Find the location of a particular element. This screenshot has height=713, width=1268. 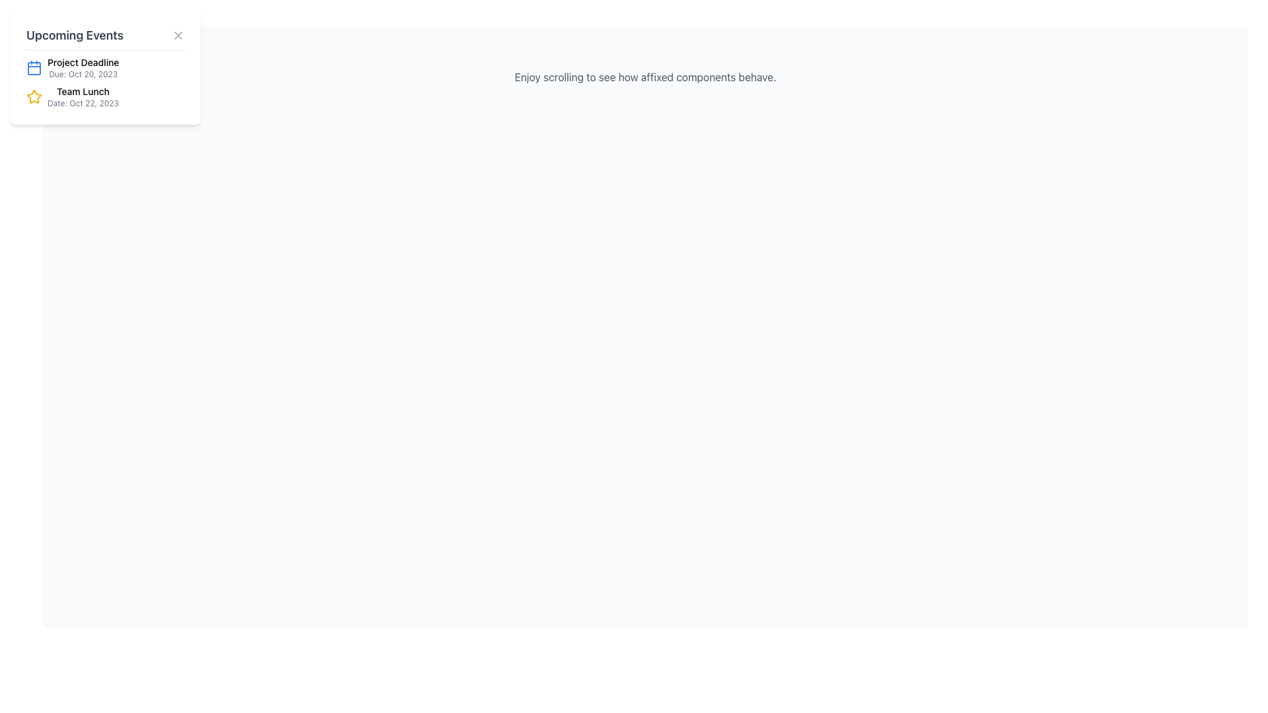

information displayed in the text label showing 'Project Deadline' and 'Due: Oct 20, 2023', which is located in the top section of the 'Upcoming Events' card, next to a blue calendar icon is located at coordinates (83, 68).